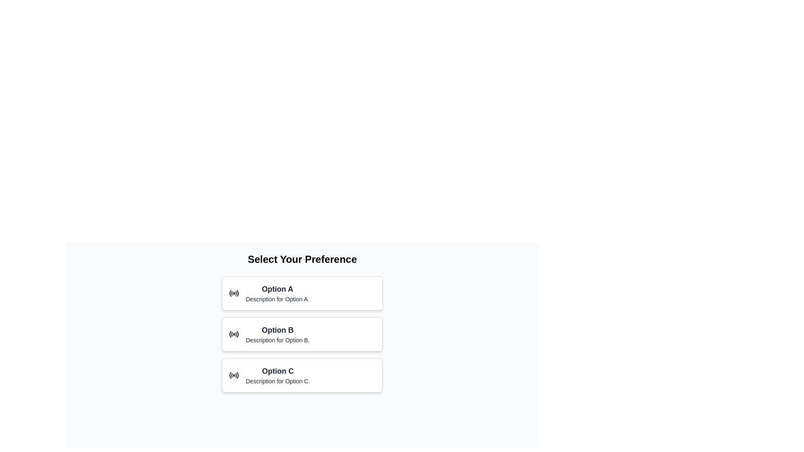 The image size is (804, 452). Describe the element at coordinates (277, 334) in the screenshot. I see `the 'Option B' text block, which is the second card in a vertical stack of three options` at that location.